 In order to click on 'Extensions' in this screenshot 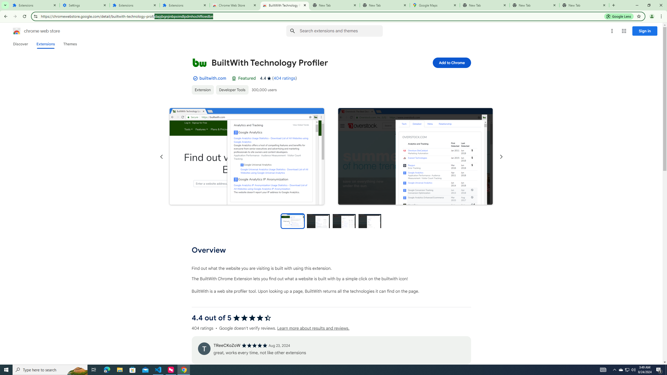, I will do `click(35, 5)`.